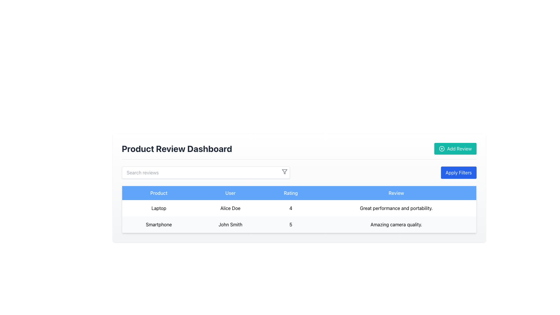  What do you see at coordinates (159, 224) in the screenshot?
I see `the Static Text Label displaying 'Smartphone' in the 'Product' column of the table` at bounding box center [159, 224].